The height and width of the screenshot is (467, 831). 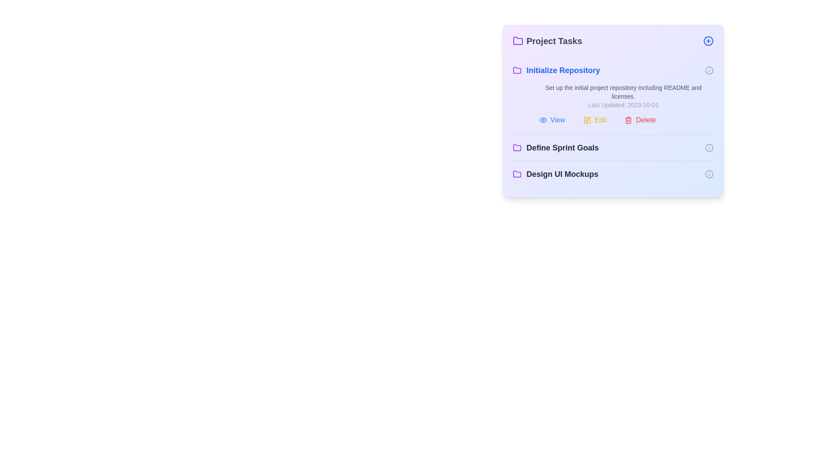 I want to click on the text label that serves as a title for a task in the project management interface, located on the right side of the vertical list, specifically the second item under 'Initialize Repository', so click(x=563, y=147).